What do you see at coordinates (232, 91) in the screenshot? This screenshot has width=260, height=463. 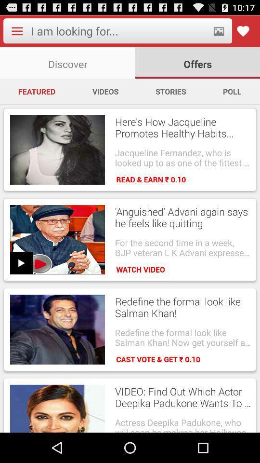 I see `the poll app` at bounding box center [232, 91].